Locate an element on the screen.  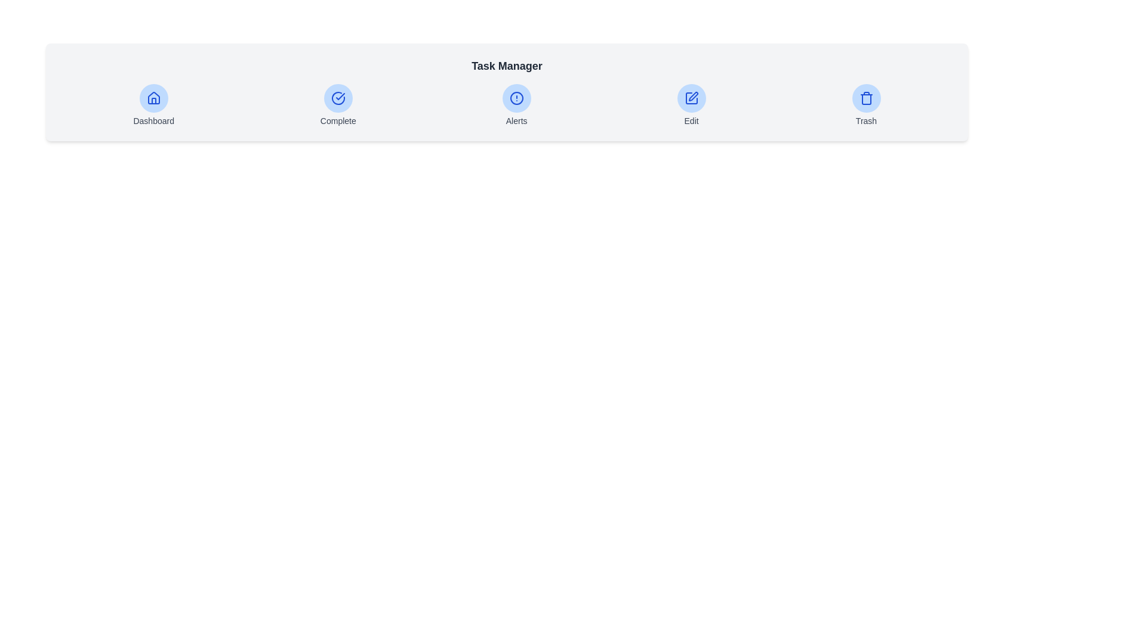
the blue trash can icon located in the top-right corner of the interface is located at coordinates (866, 98).